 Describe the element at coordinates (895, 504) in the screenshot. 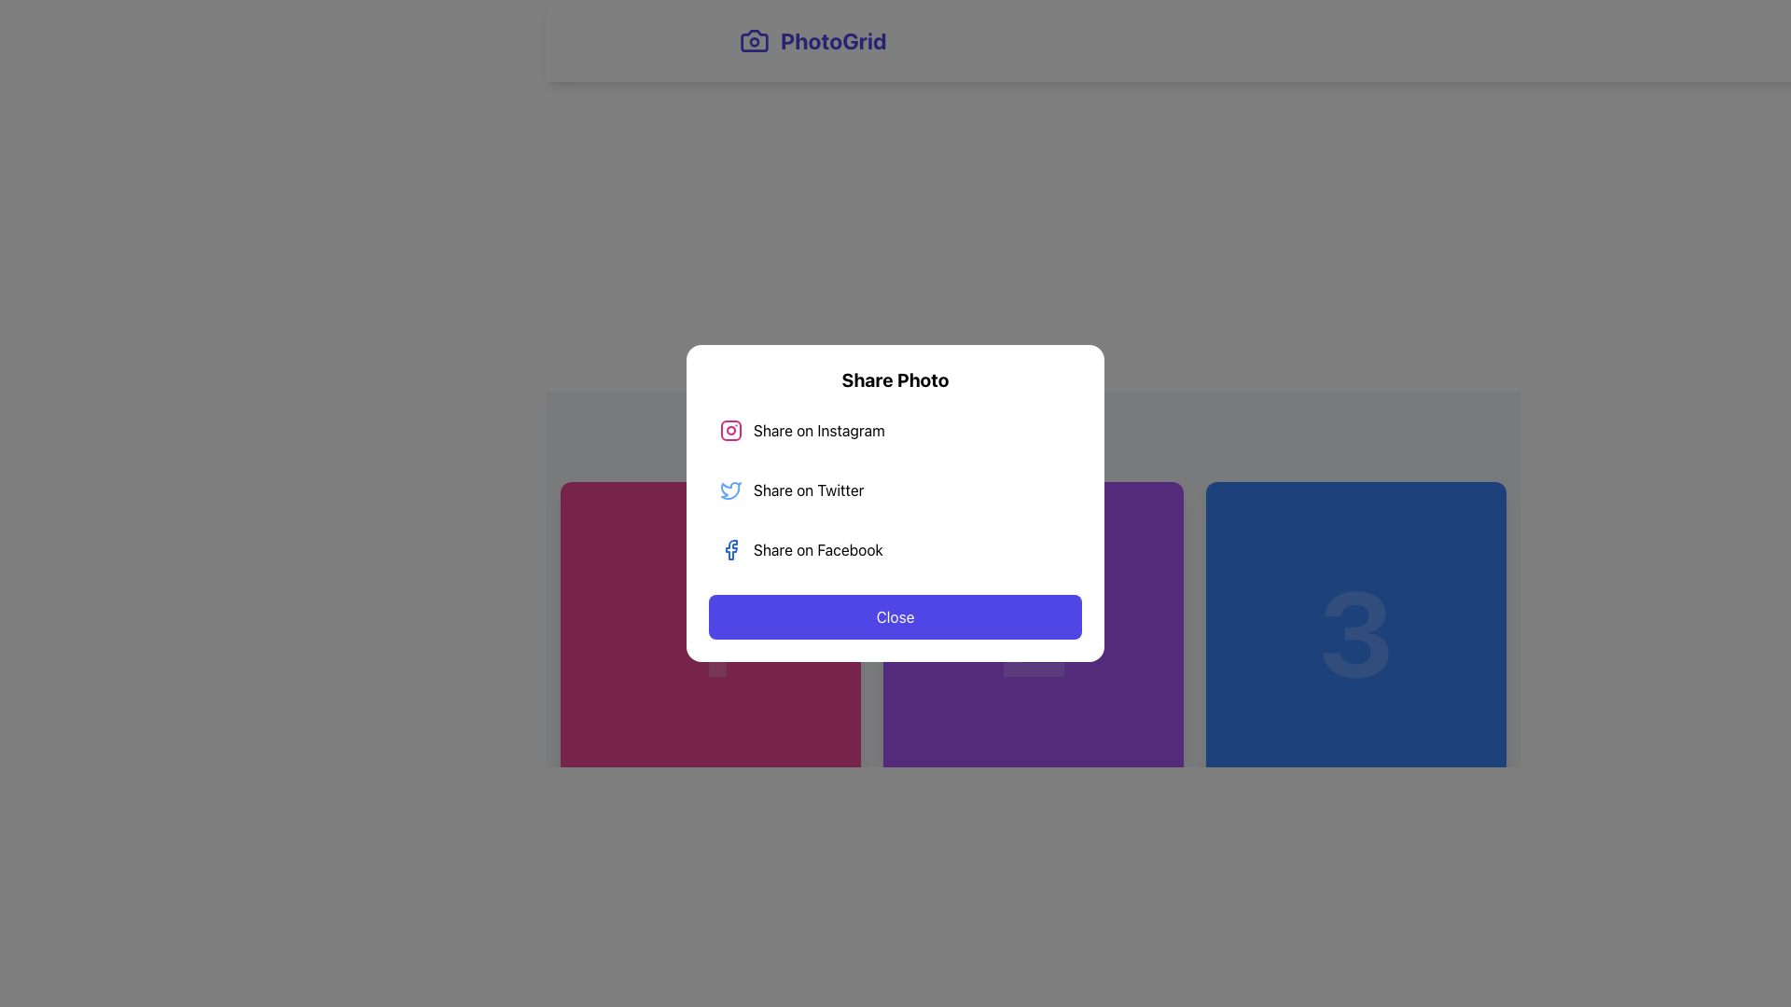

I see `the sharing options in the central modal dialog that allows users to share a photo via Instagram, Twitter, and Facebook` at that location.